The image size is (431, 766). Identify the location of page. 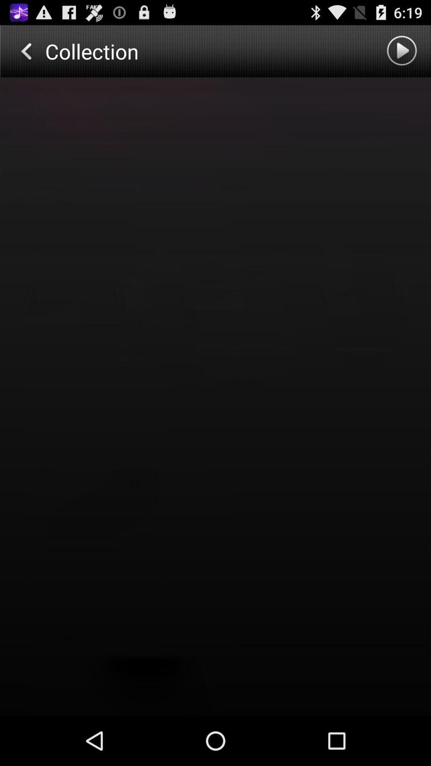
(215, 397).